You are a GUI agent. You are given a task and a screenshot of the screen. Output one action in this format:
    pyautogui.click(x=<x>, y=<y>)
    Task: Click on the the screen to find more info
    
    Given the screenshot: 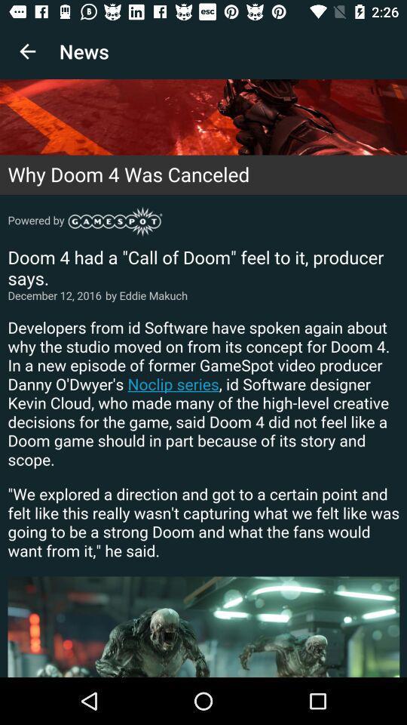 What is the action you would take?
    pyautogui.click(x=203, y=378)
    